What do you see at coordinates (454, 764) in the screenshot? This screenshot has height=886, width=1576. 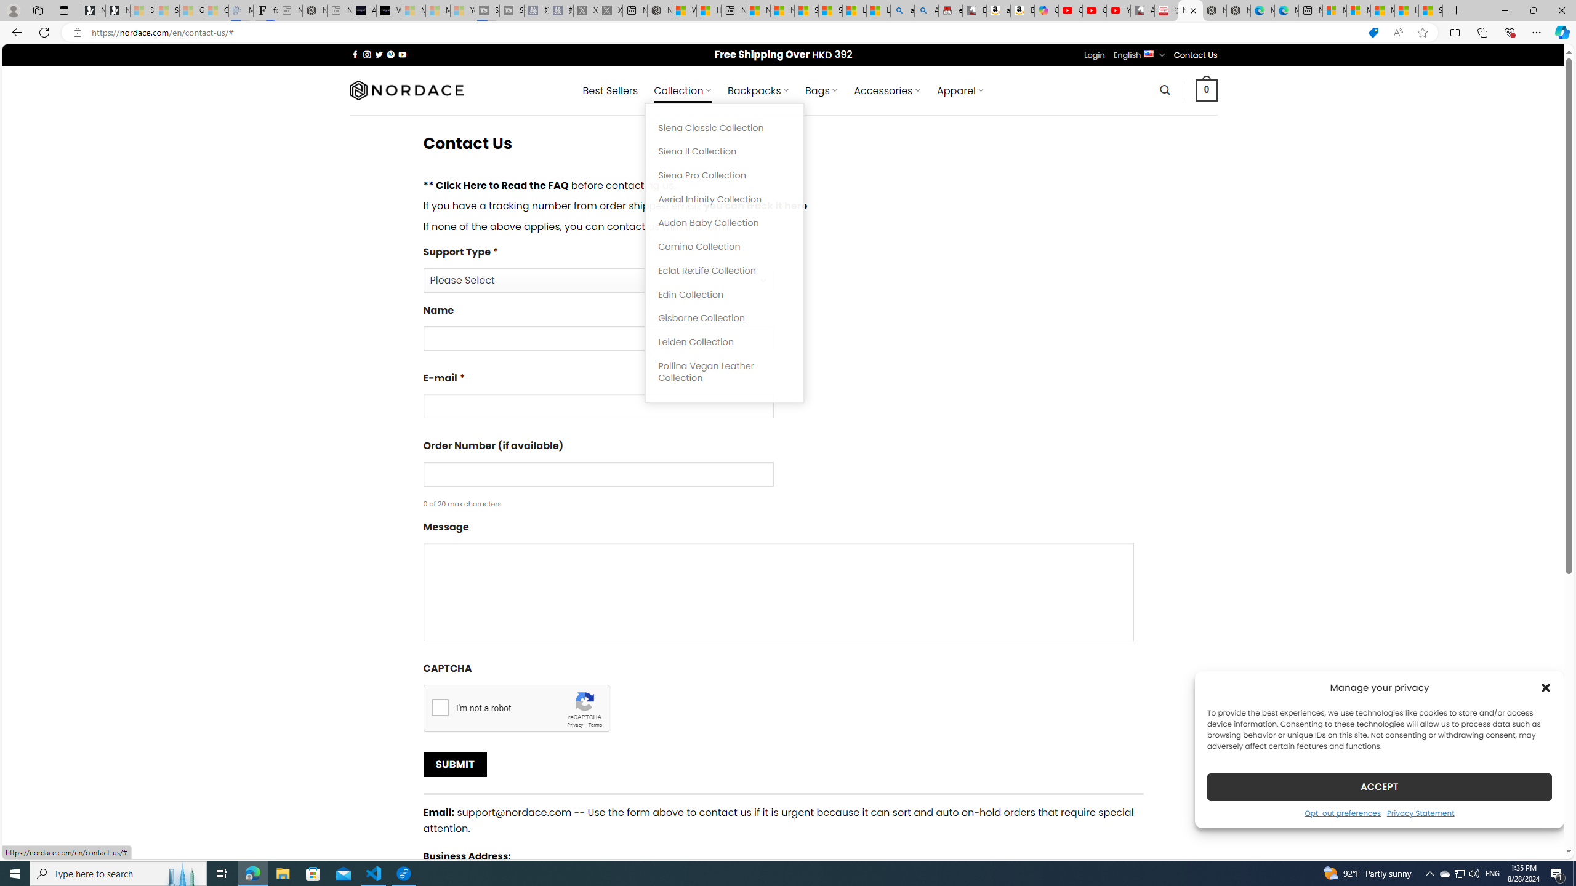 I see `'Submit'` at bounding box center [454, 764].